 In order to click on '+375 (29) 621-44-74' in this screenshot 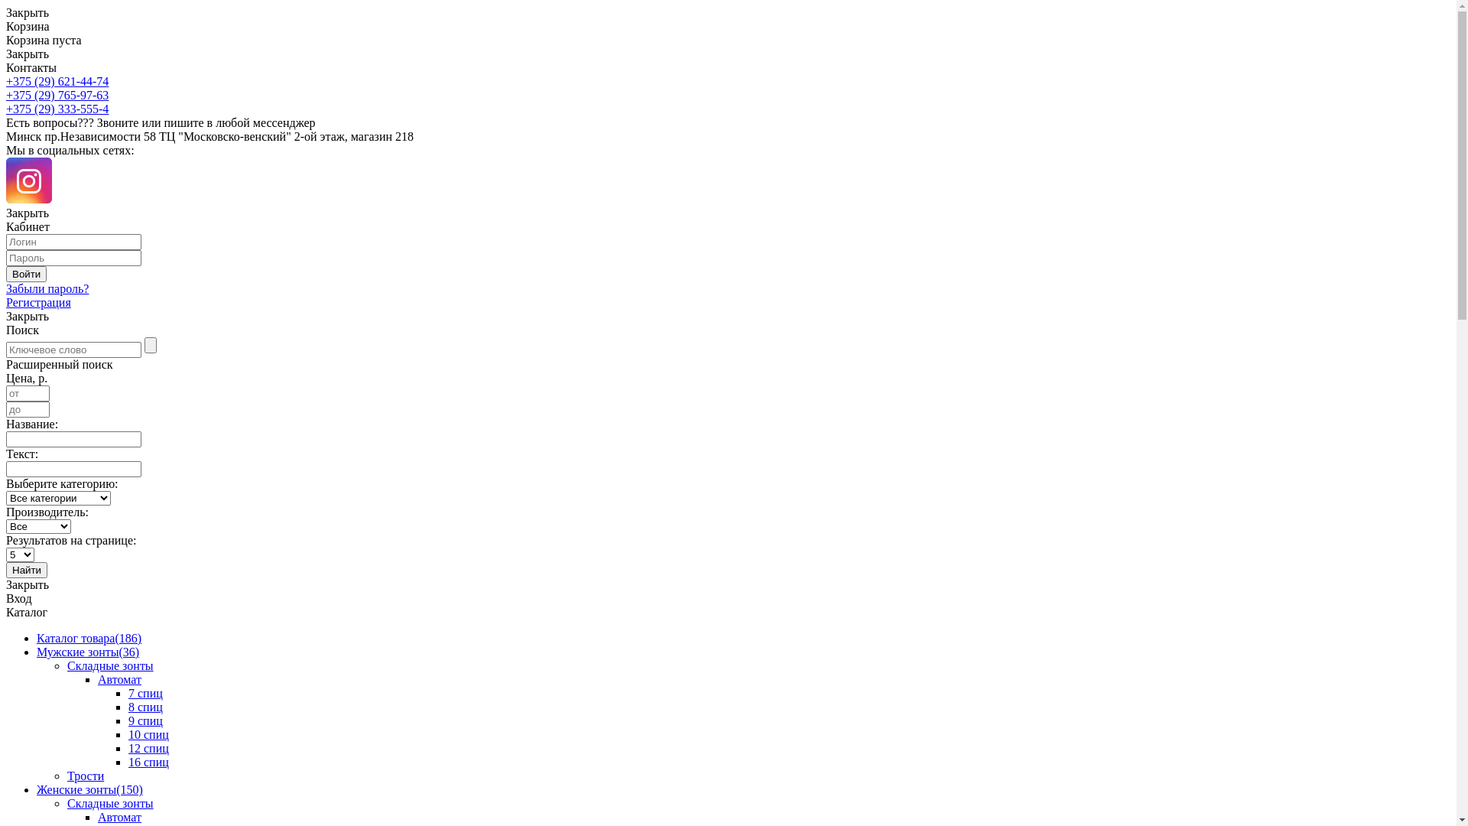, I will do `click(6, 81)`.